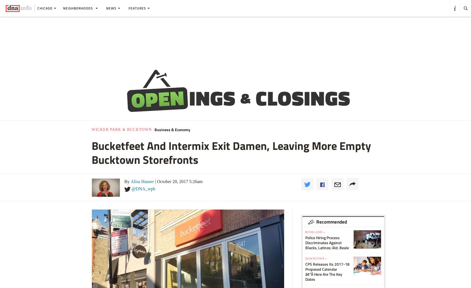 This screenshot has height=288, width=471. Describe the element at coordinates (305, 232) in the screenshot. I see `'Roseland »'` at that location.